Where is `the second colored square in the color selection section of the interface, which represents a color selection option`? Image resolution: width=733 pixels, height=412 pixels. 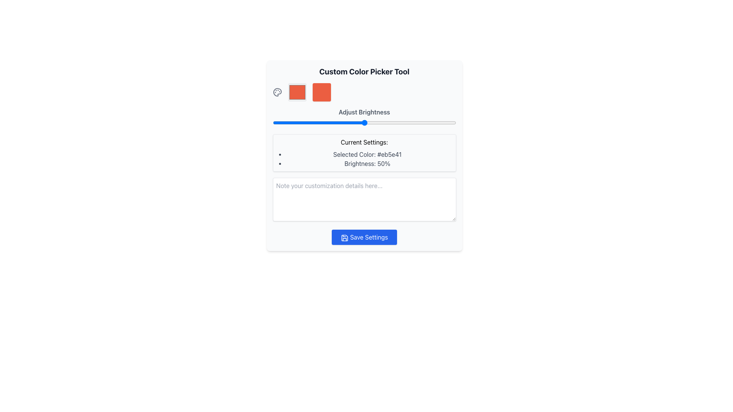
the second colored square in the color selection section of the interface, which represents a color selection option is located at coordinates (321, 92).